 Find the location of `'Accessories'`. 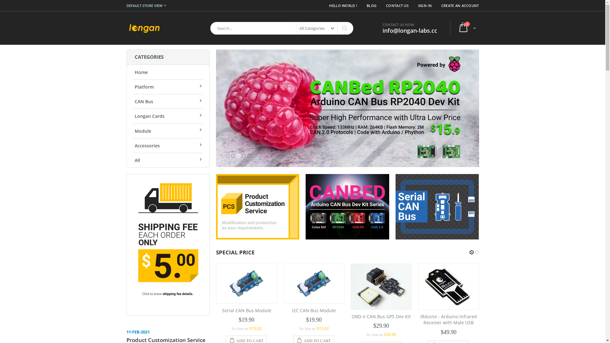

'Accessories' is located at coordinates (168, 145).